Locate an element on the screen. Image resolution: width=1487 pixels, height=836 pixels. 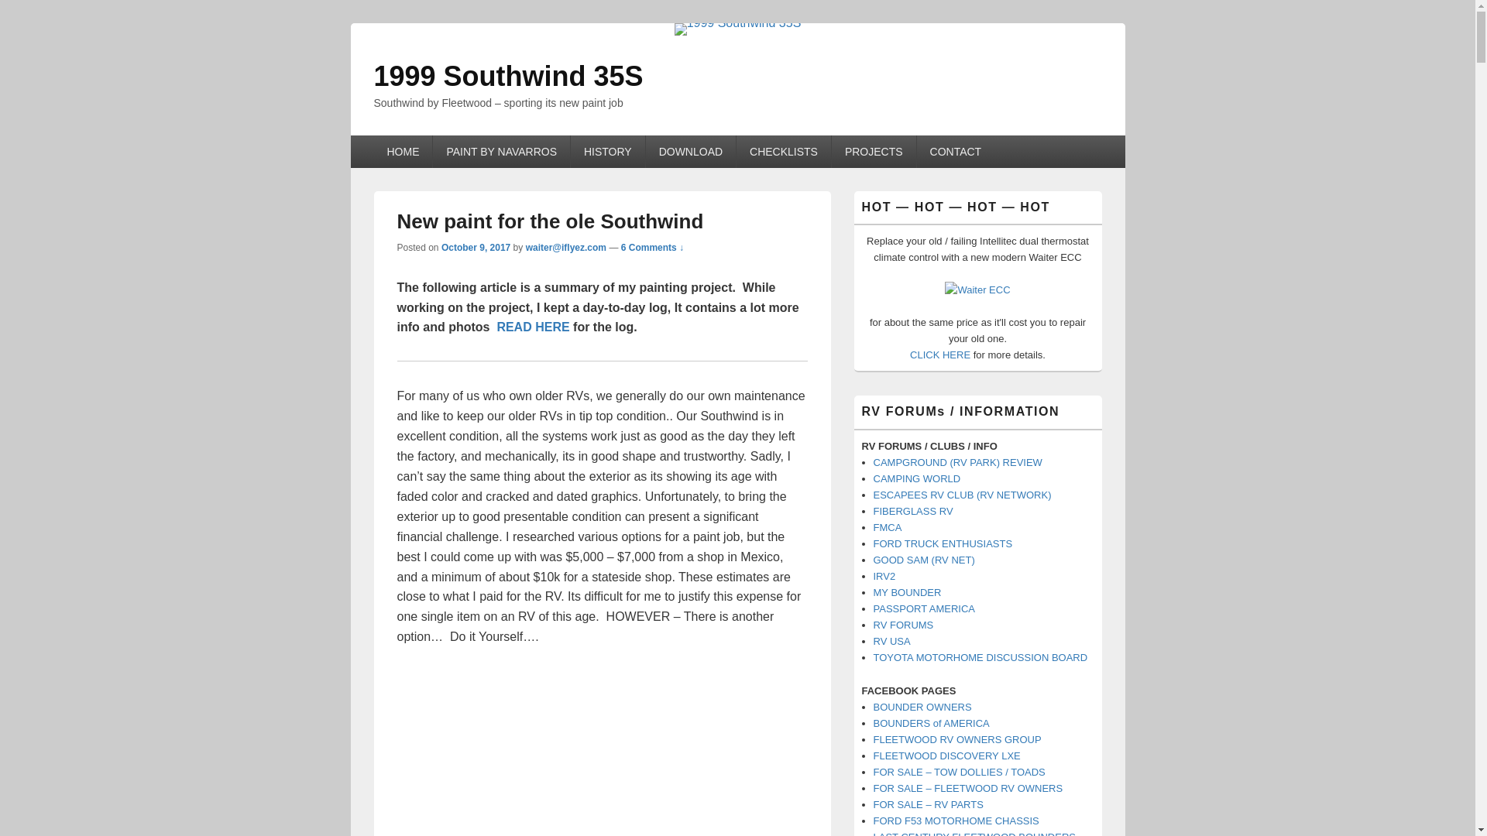
'BOUNDERS of AMERICA' is located at coordinates (931, 723).